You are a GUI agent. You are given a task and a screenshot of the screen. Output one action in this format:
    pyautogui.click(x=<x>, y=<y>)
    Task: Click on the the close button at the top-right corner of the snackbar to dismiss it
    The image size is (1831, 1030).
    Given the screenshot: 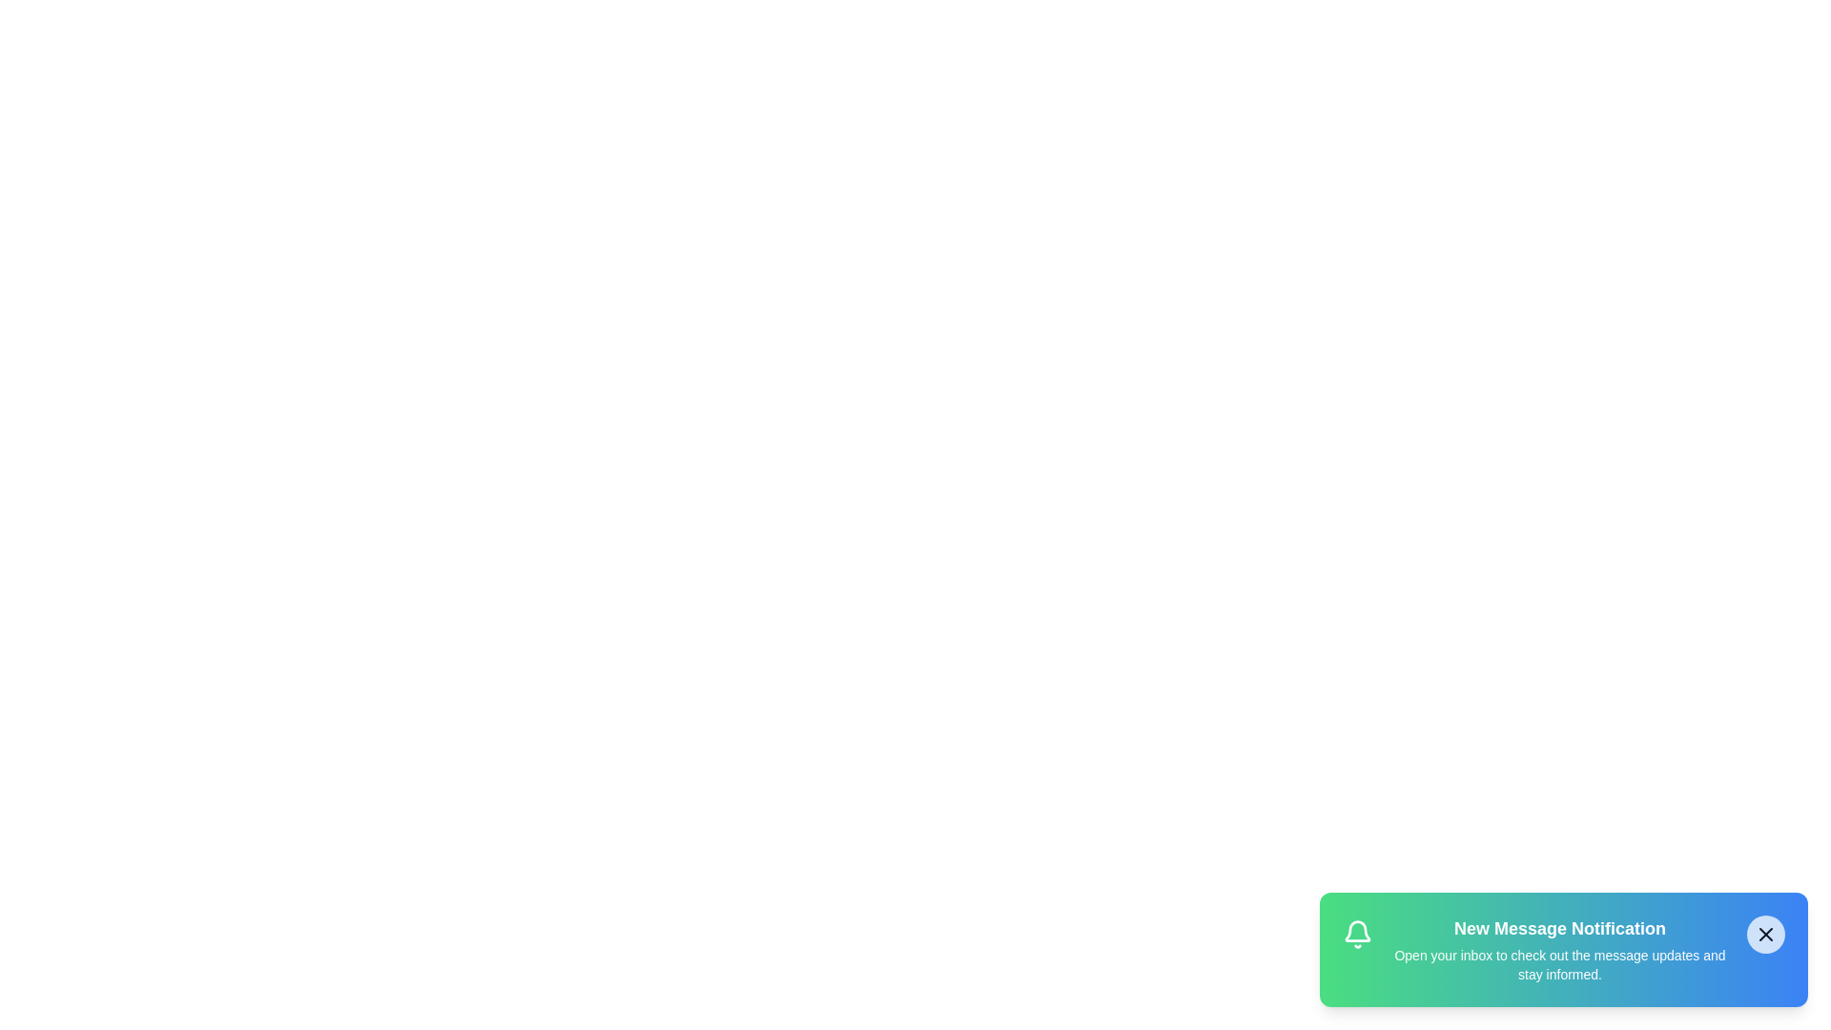 What is the action you would take?
    pyautogui.click(x=1765, y=933)
    